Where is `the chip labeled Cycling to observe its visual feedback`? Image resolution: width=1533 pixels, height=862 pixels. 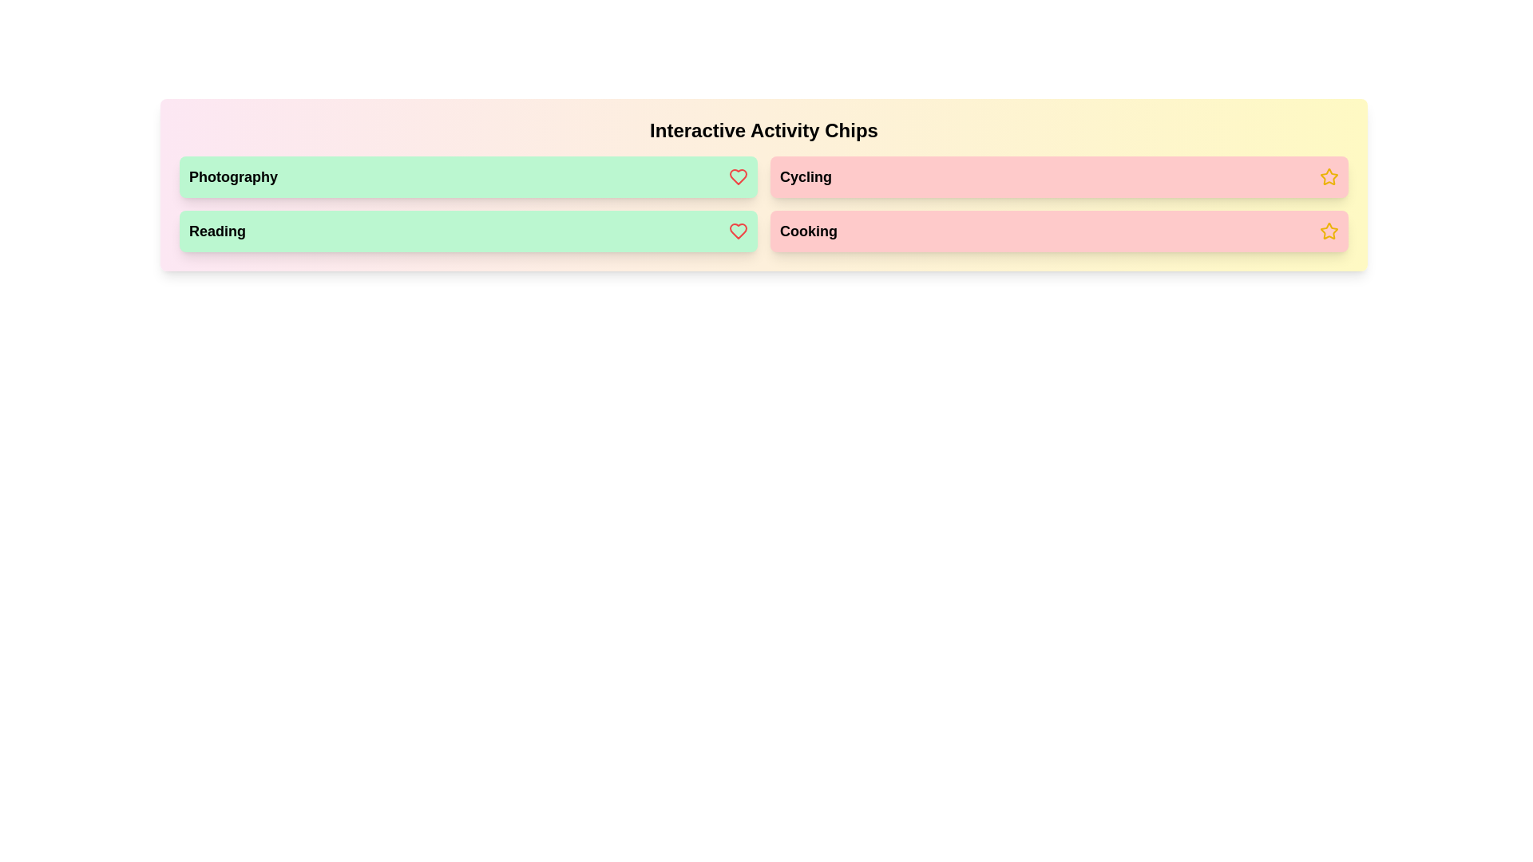 the chip labeled Cycling to observe its visual feedback is located at coordinates (1059, 177).